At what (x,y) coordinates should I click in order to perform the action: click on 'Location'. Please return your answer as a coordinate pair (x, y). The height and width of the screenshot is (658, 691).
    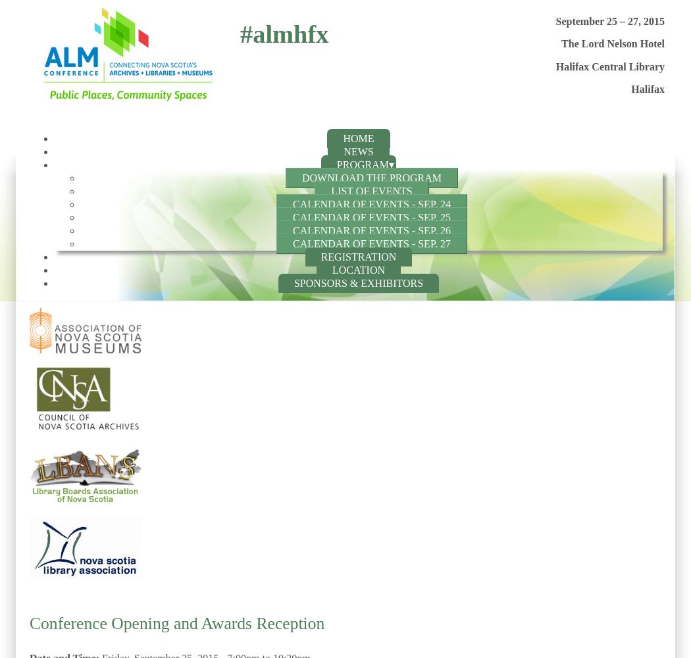
    Looking at the image, I should click on (358, 270).